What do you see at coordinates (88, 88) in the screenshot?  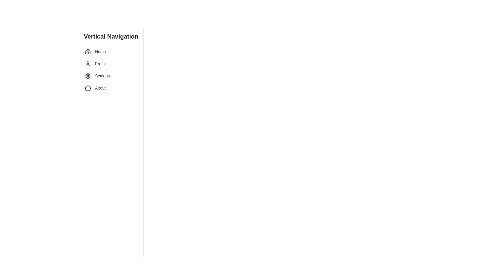 I see `the decorative graphical circle located at the center of the 'About' icon in the vertical navigation menu, which is part of an information symbol design` at bounding box center [88, 88].